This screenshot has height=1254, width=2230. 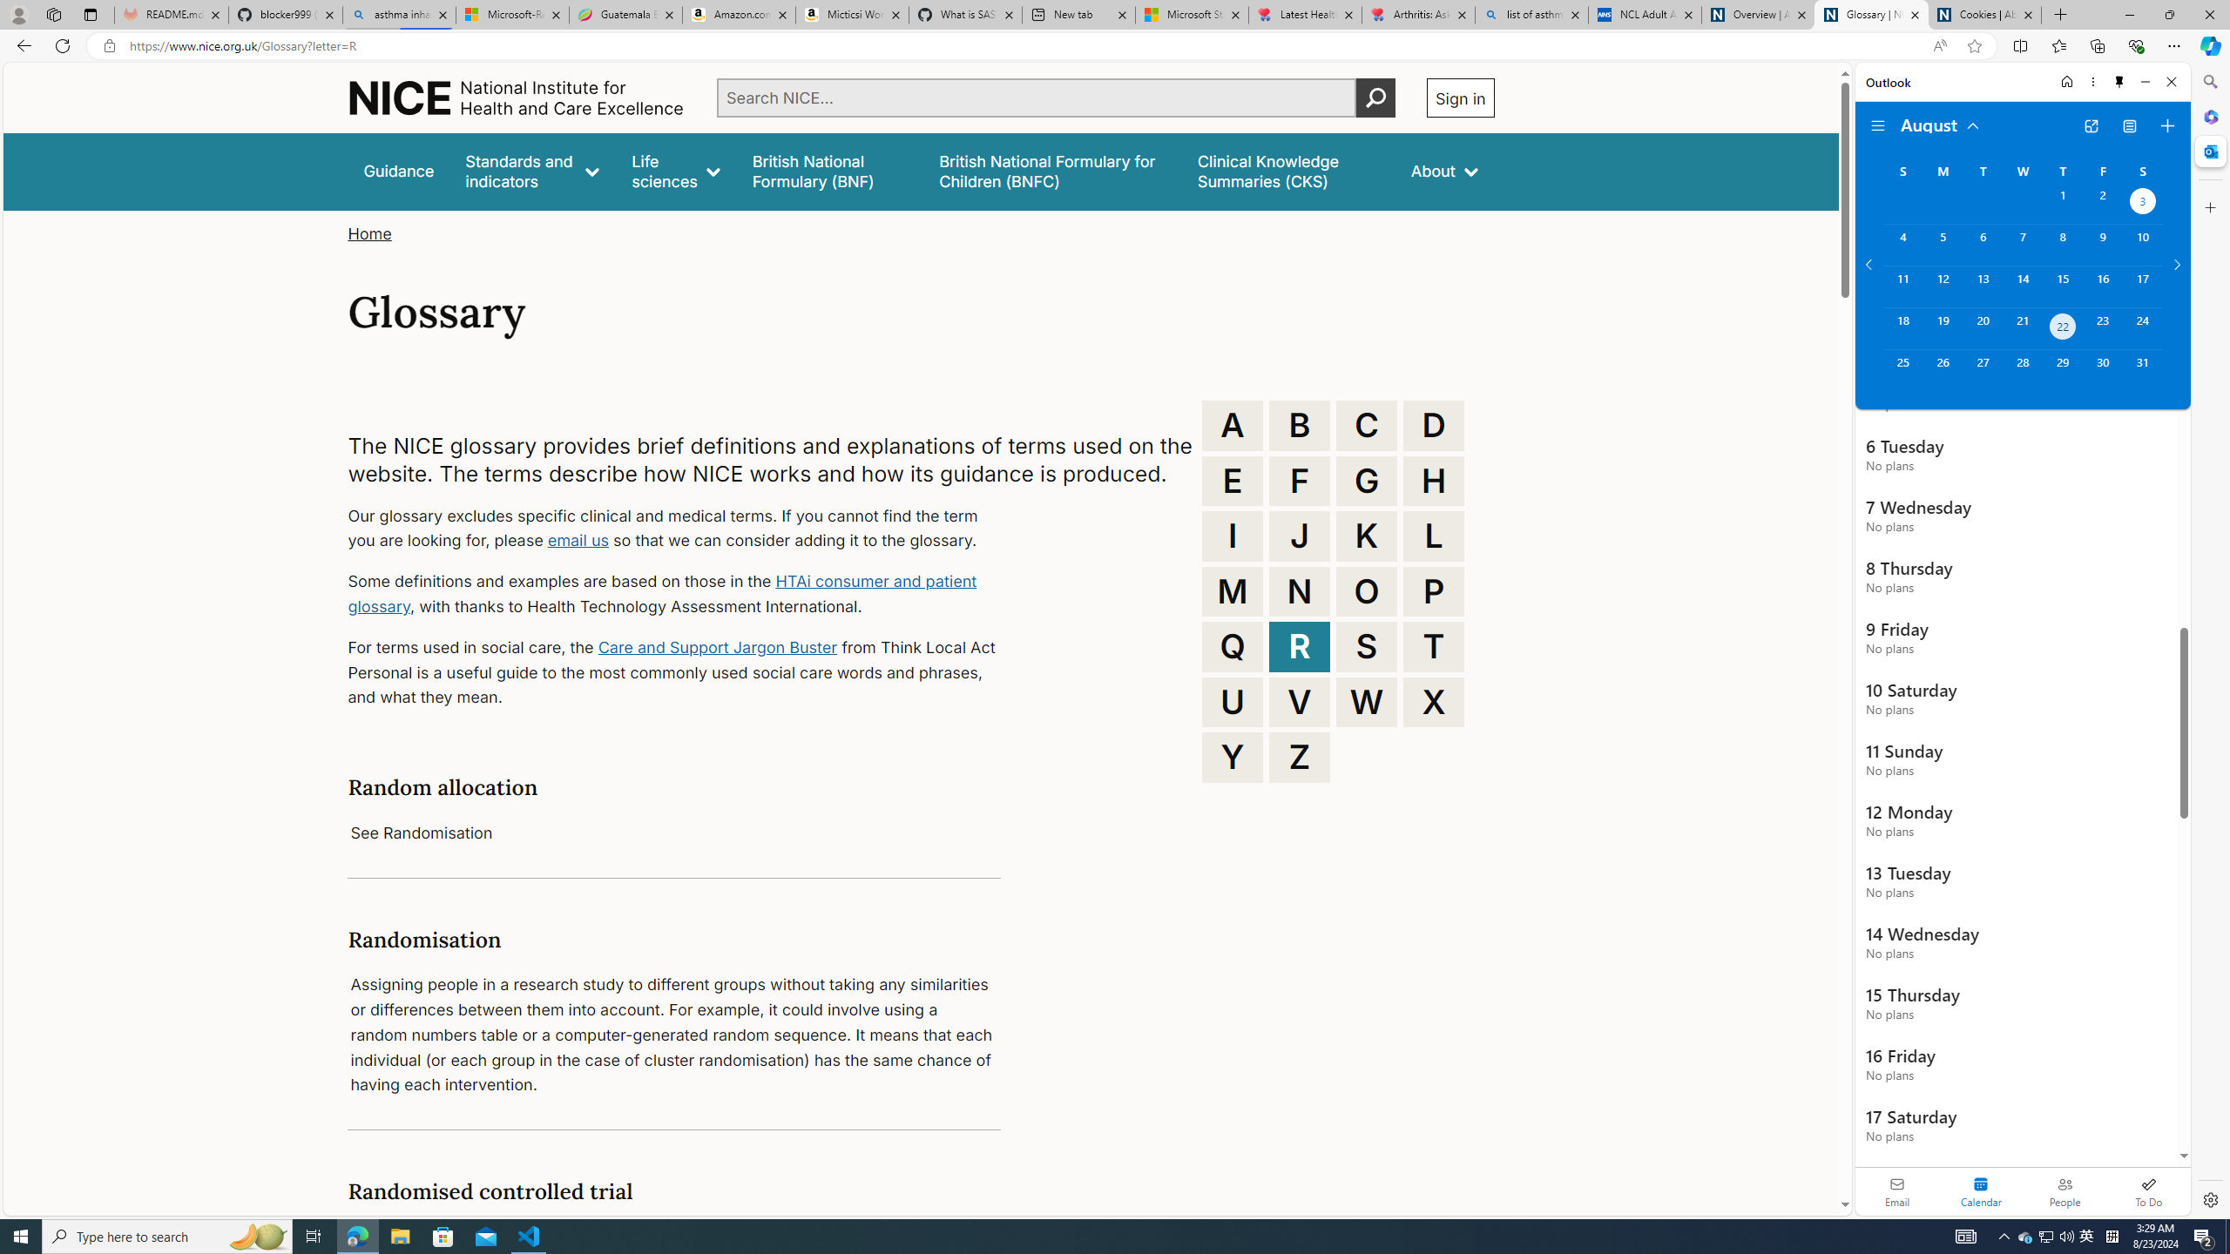 I want to click on 'Restore', so click(x=2169, y=14).